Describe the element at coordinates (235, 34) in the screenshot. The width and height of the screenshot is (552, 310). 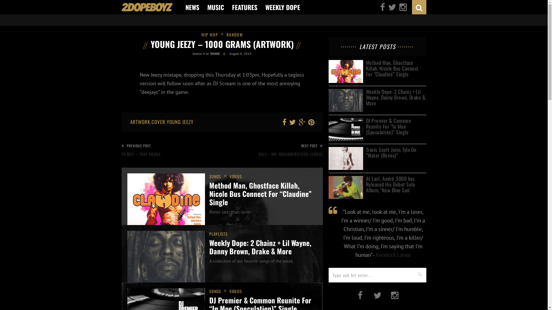
I see `'RANDOM'` at that location.